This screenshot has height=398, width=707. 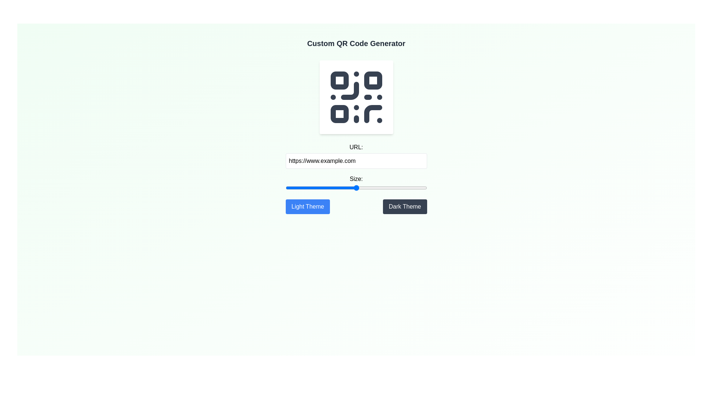 What do you see at coordinates (402, 187) in the screenshot?
I see `the slider` at bounding box center [402, 187].